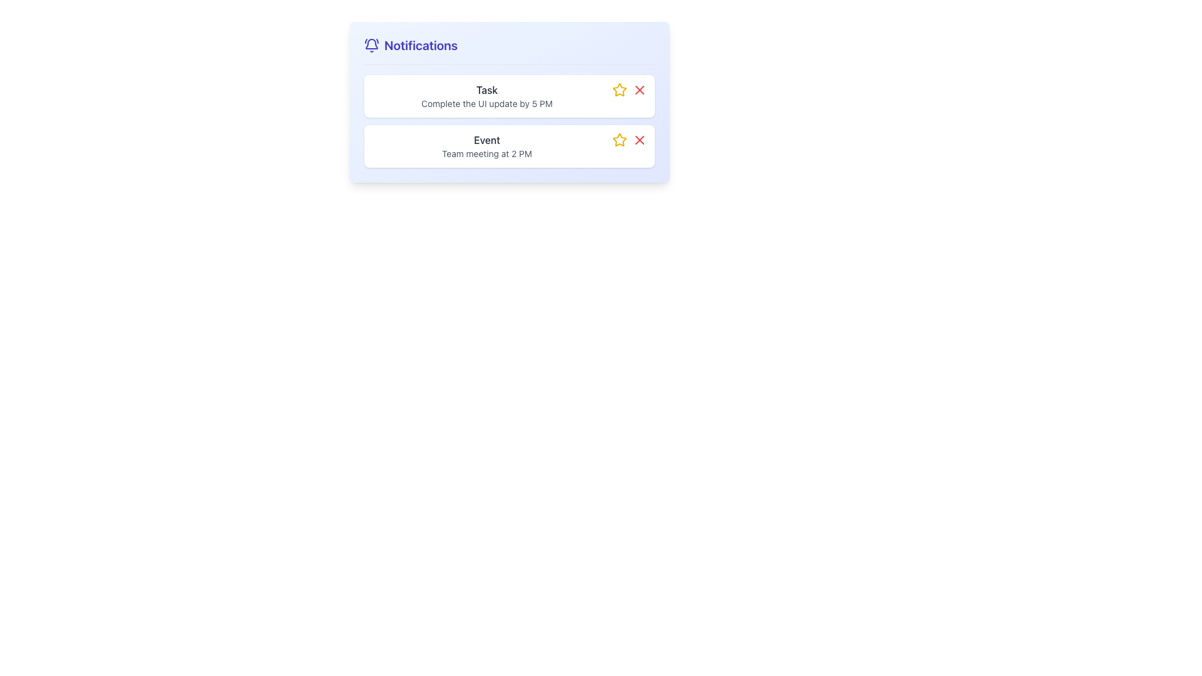 The width and height of the screenshot is (1202, 676). I want to click on the small red 'X' icon button for closing the notification entry of 'Team meeting at 2 PM', so click(640, 140).